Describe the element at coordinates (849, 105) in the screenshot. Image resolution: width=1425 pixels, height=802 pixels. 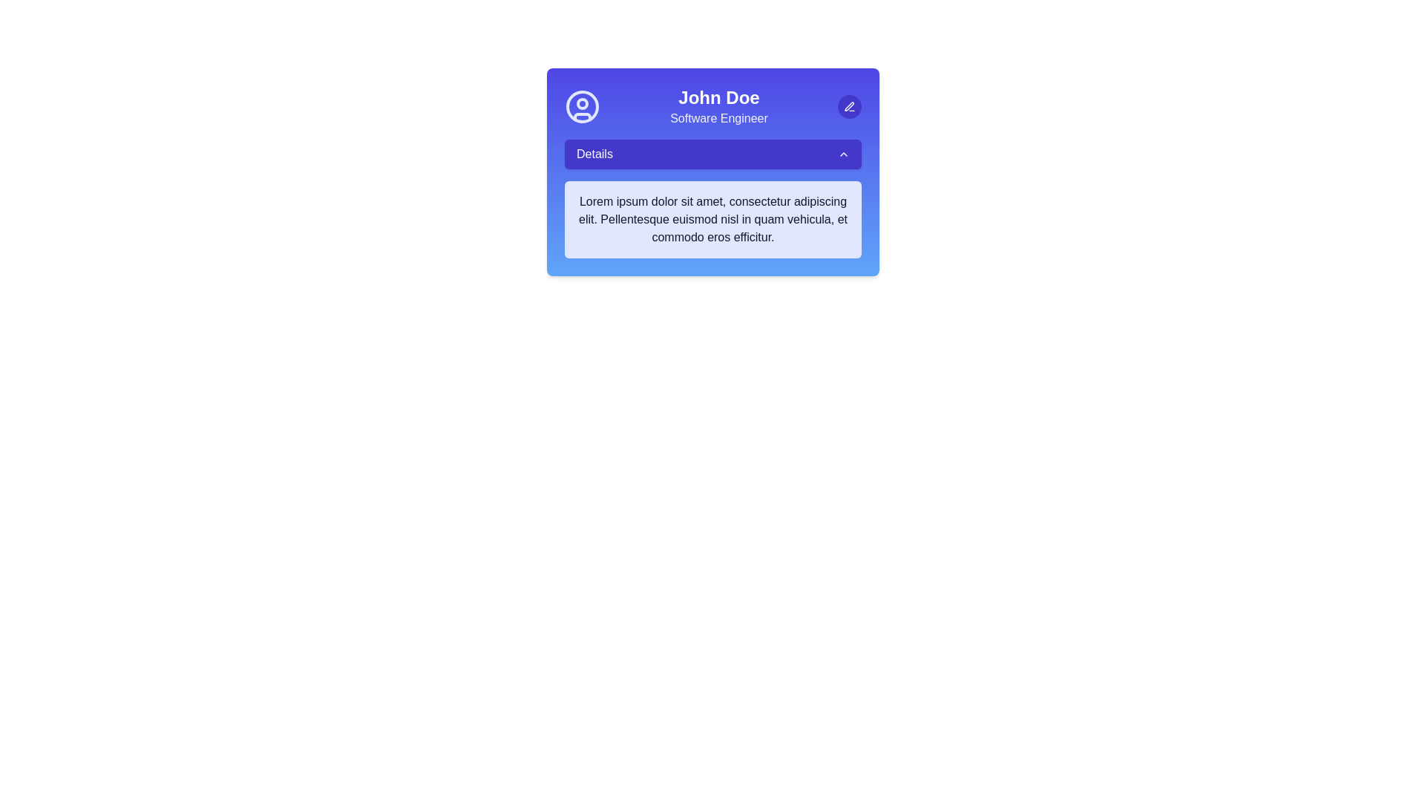
I see `the edit icon located in the top-right corner of the user card section` at that location.